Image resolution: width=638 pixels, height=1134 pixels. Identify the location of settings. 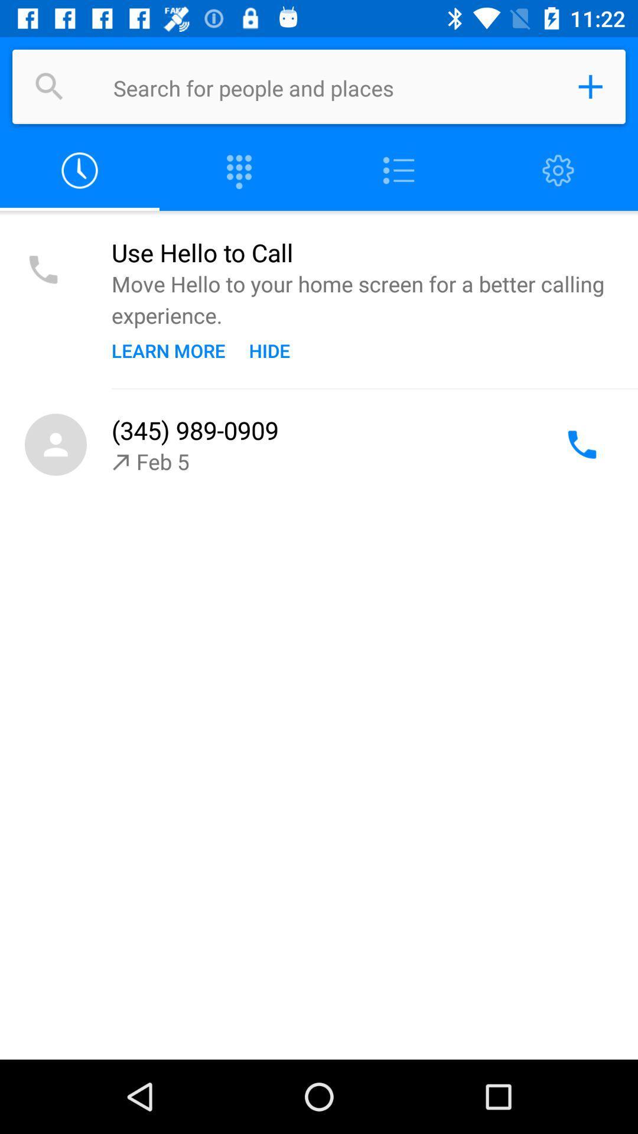
(558, 170).